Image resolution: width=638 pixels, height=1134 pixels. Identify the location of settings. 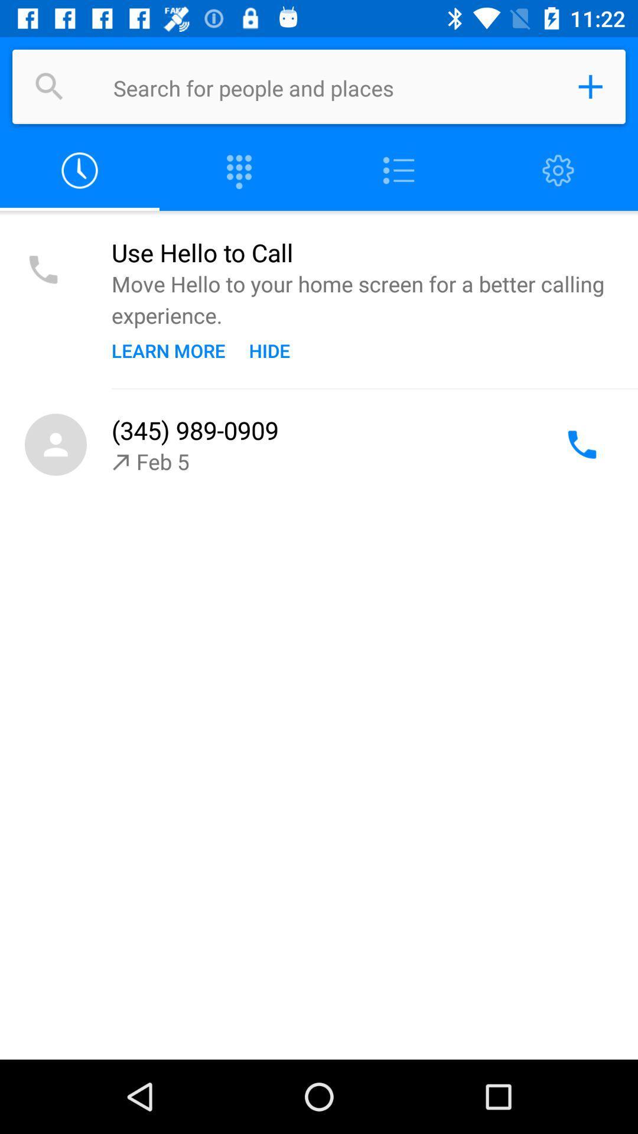
(558, 170).